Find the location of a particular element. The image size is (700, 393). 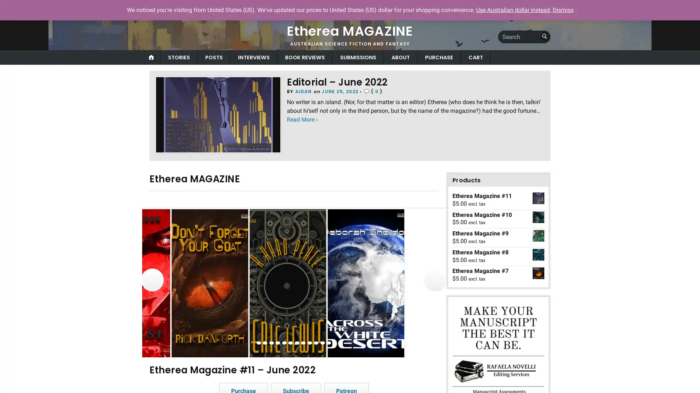

view image 3 of 12 in carousel is located at coordinates (271, 342).